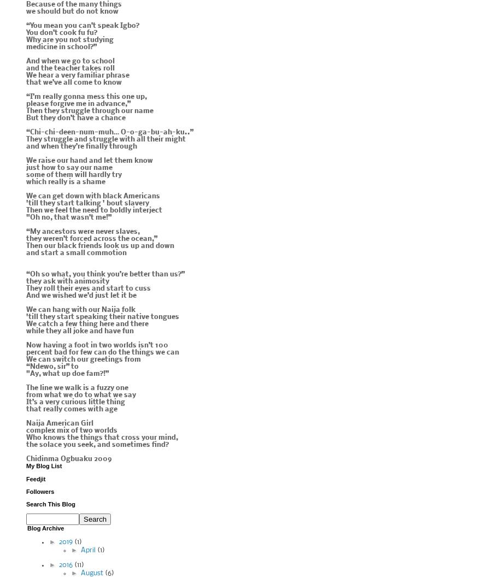 The width and height of the screenshot is (496, 578). What do you see at coordinates (26, 402) in the screenshot?
I see `'It’s a very curious little thing'` at bounding box center [26, 402].